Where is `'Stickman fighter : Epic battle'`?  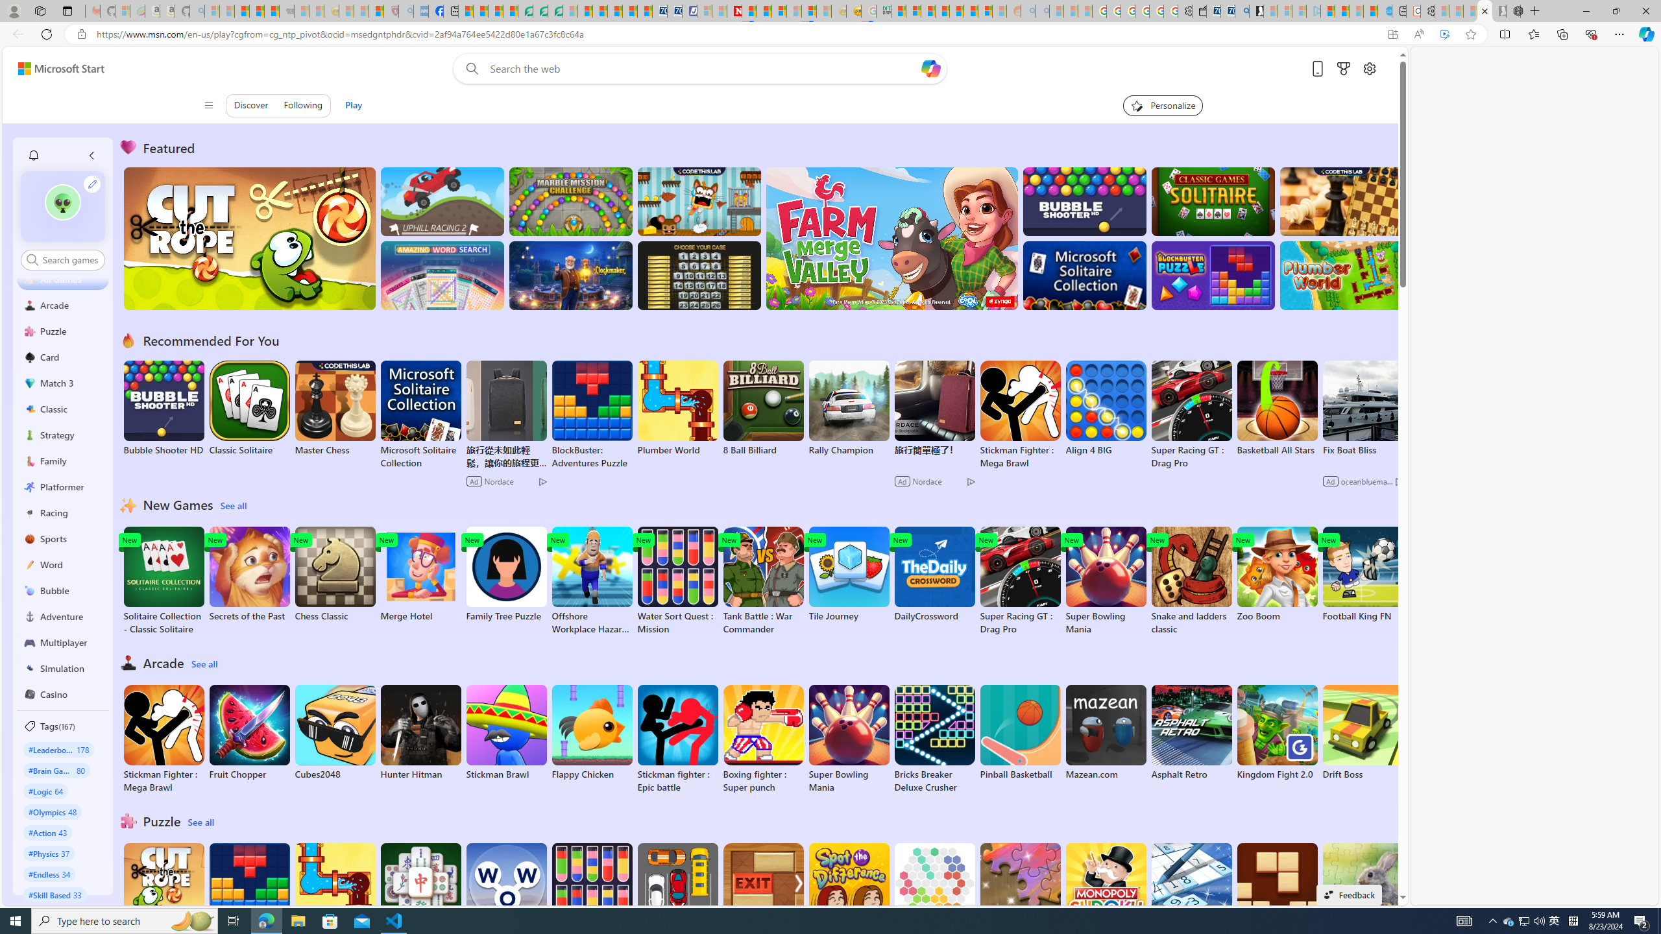
'Stickman fighter : Epic battle' is located at coordinates (677, 738).